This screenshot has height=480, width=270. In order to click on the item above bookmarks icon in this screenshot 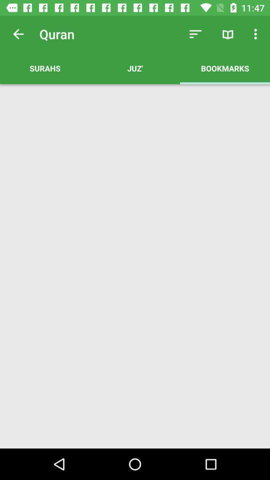, I will do `click(256, 34)`.